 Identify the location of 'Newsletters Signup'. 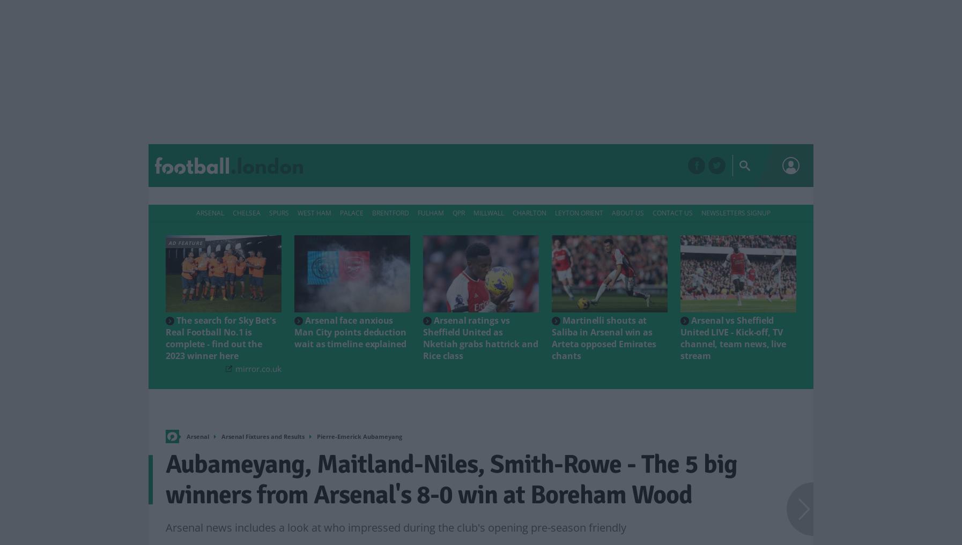
(735, 213).